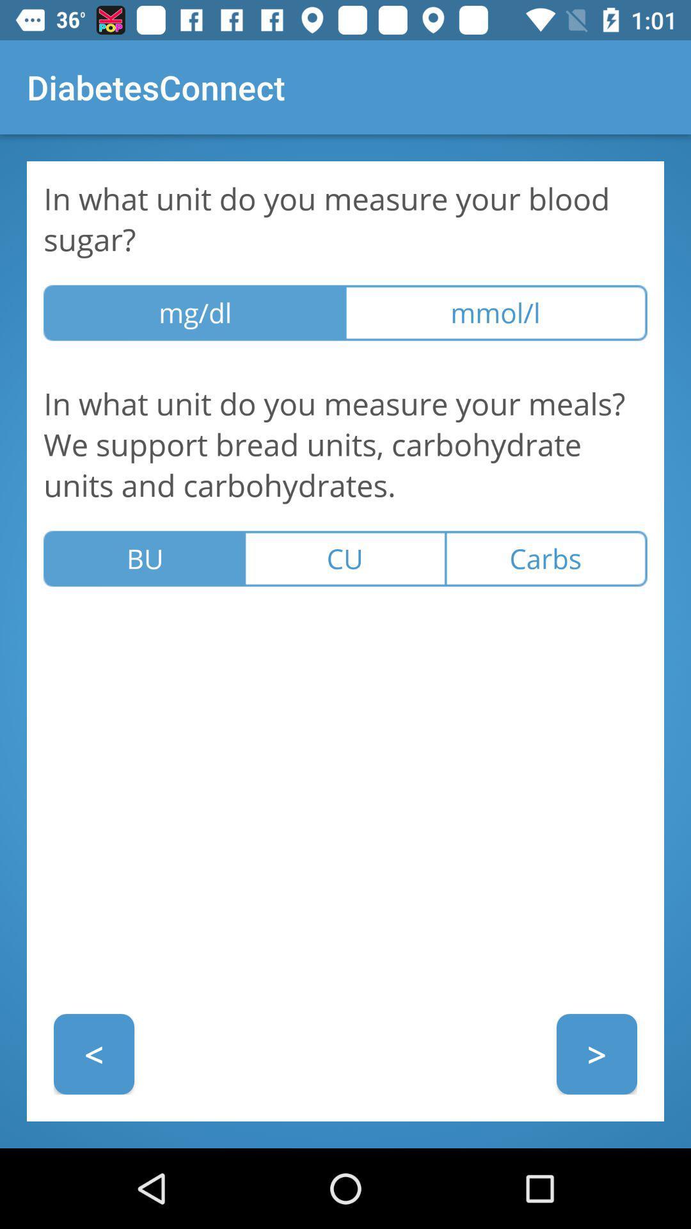  Describe the element at coordinates (344, 559) in the screenshot. I see `the item to the left of the carbs item` at that location.